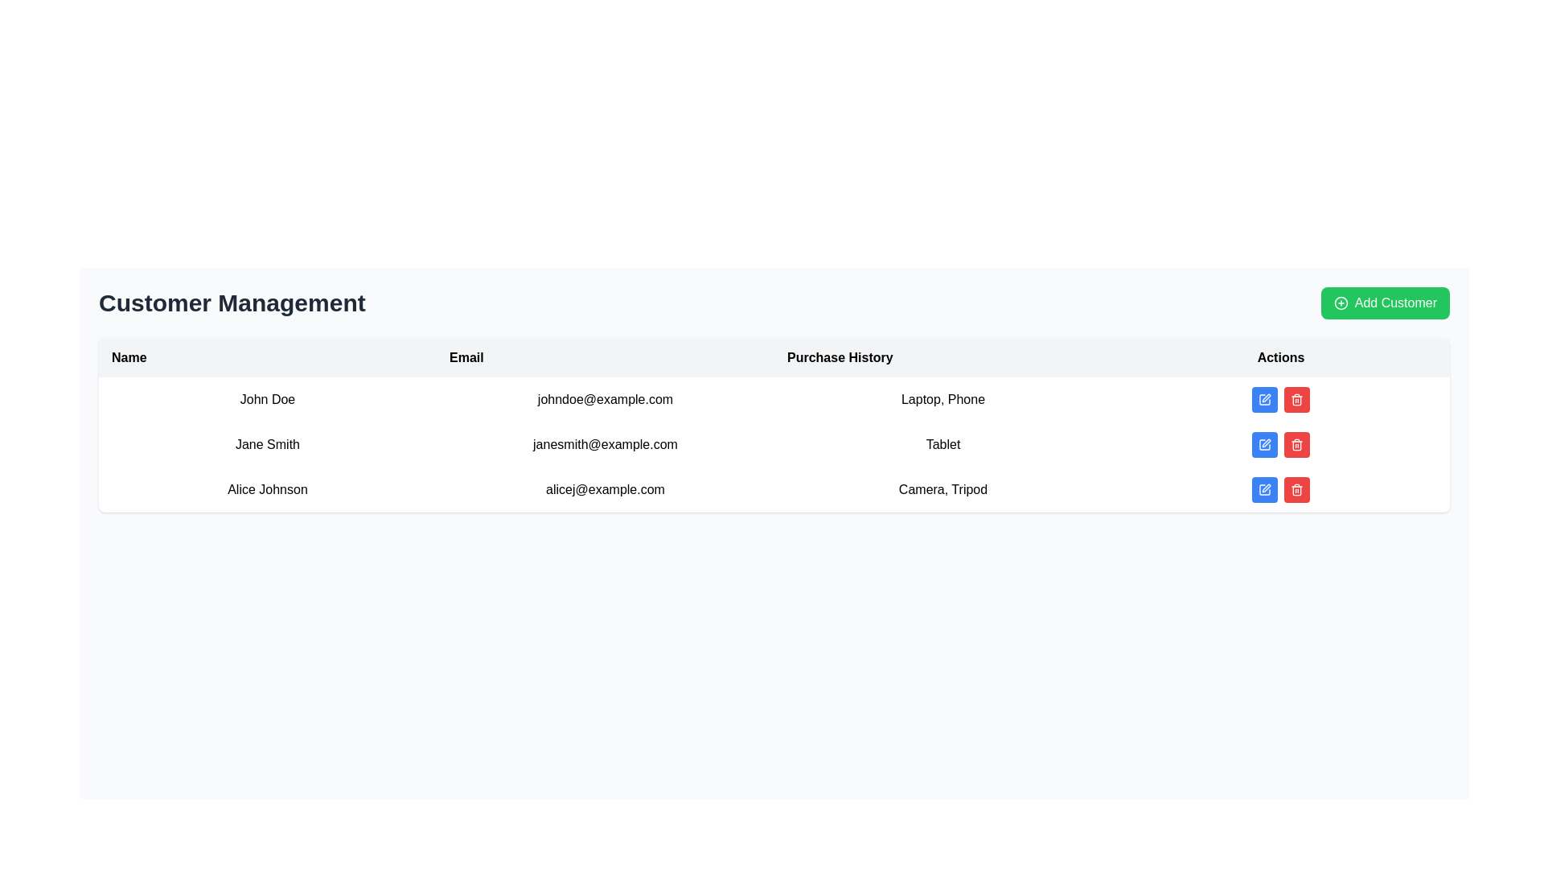  What do you see at coordinates (267, 444) in the screenshot?
I see `the Text label representing the second individual's name in the customer management table, located between 'John Doe' and 'Alice Johnson'` at bounding box center [267, 444].